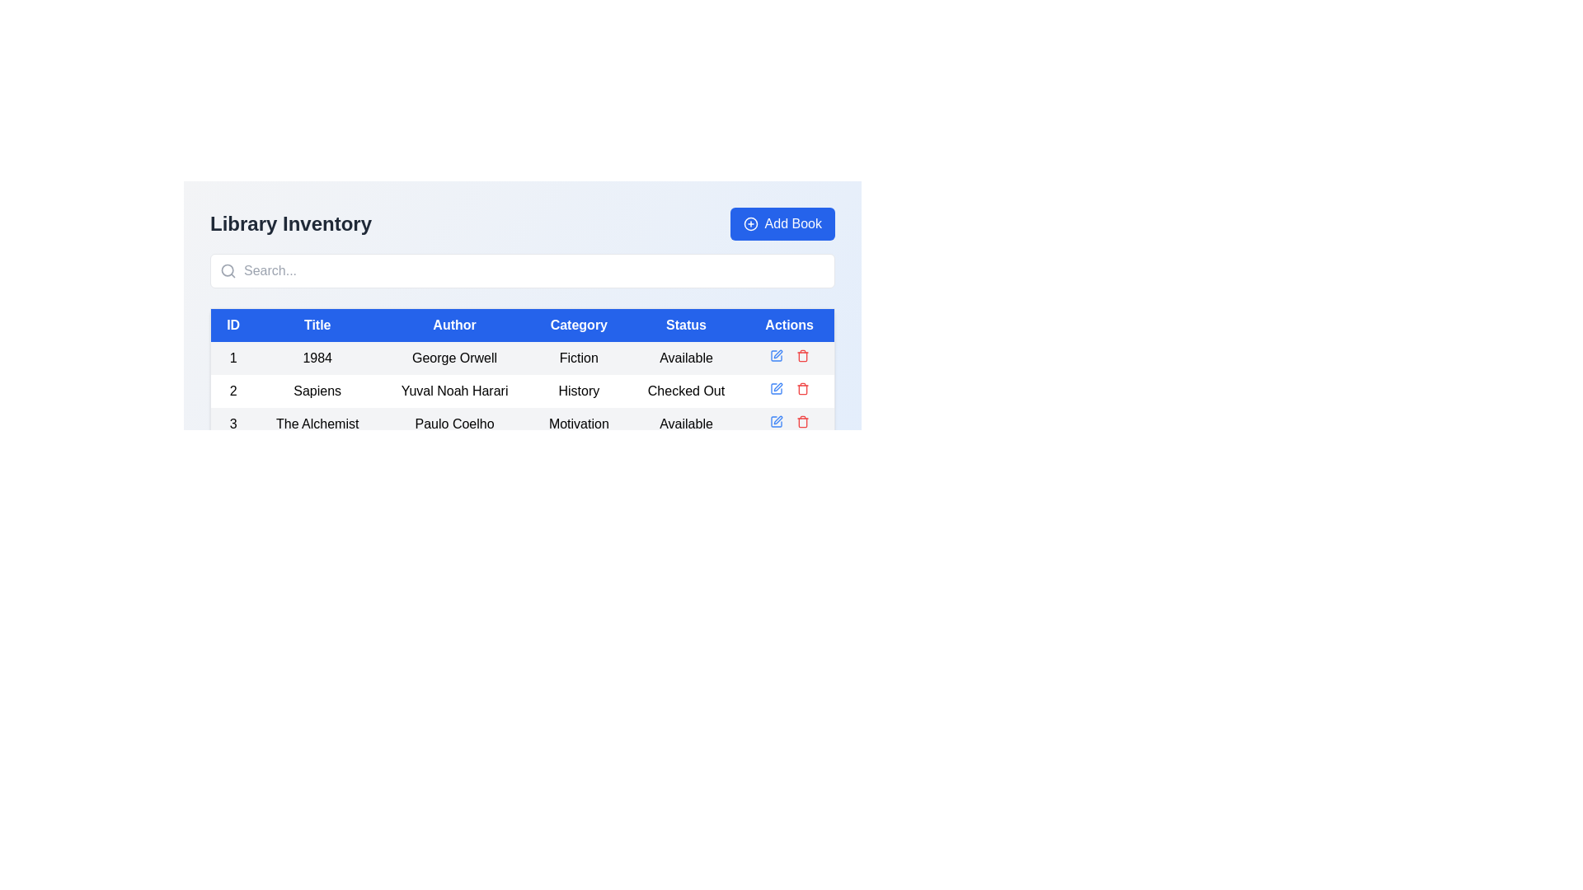 This screenshot has width=1583, height=890. Describe the element at coordinates (521, 391) in the screenshot. I see `the second row in the Library Inventory table containing the book 'Sapiens' by 'Yuval Noah Harari'` at that location.